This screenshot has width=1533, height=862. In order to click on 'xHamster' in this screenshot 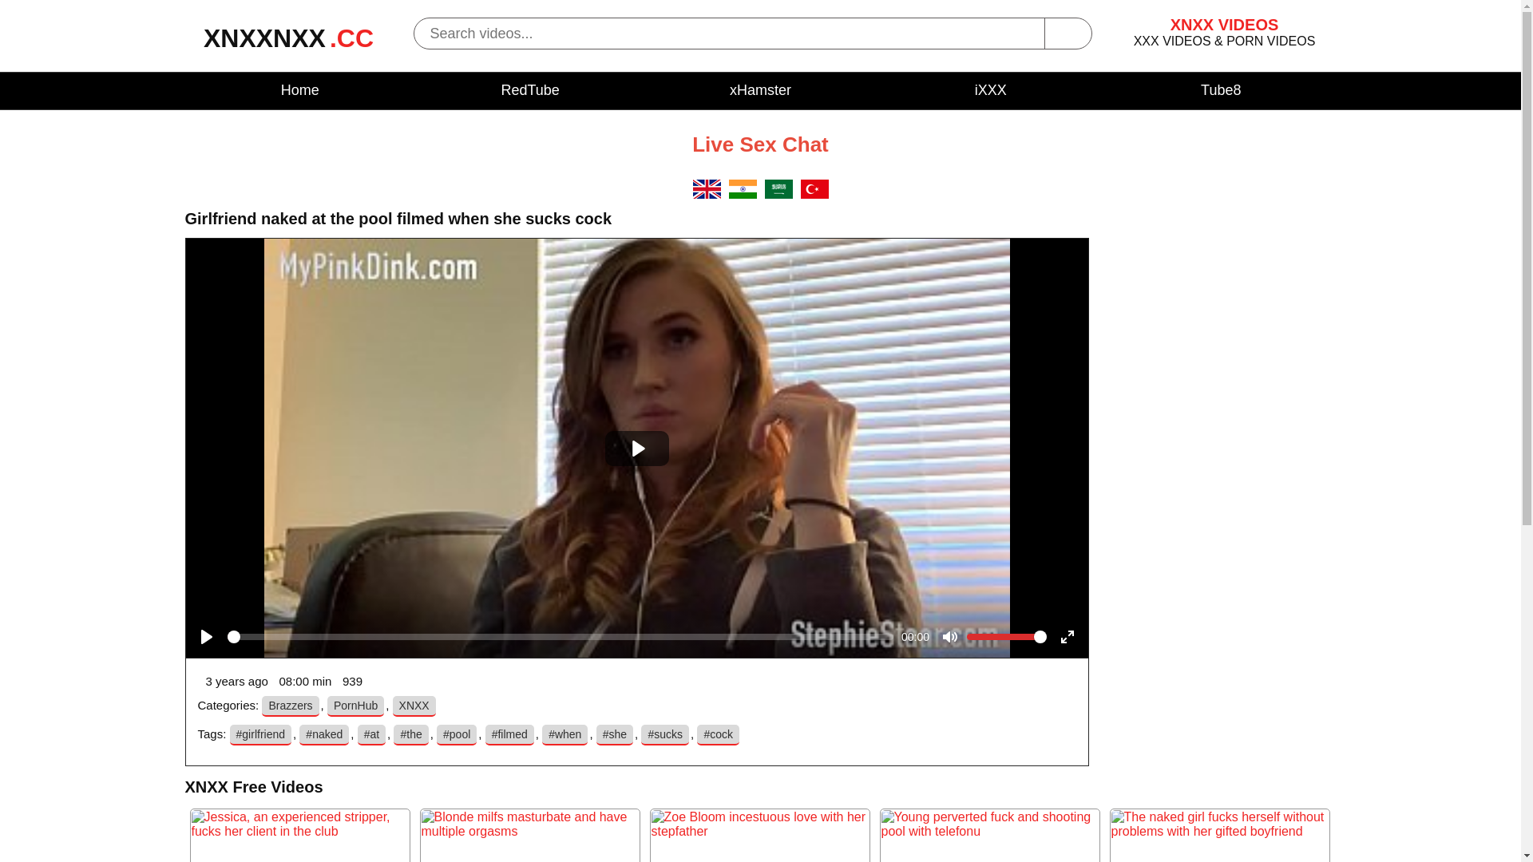, I will do `click(759, 89)`.